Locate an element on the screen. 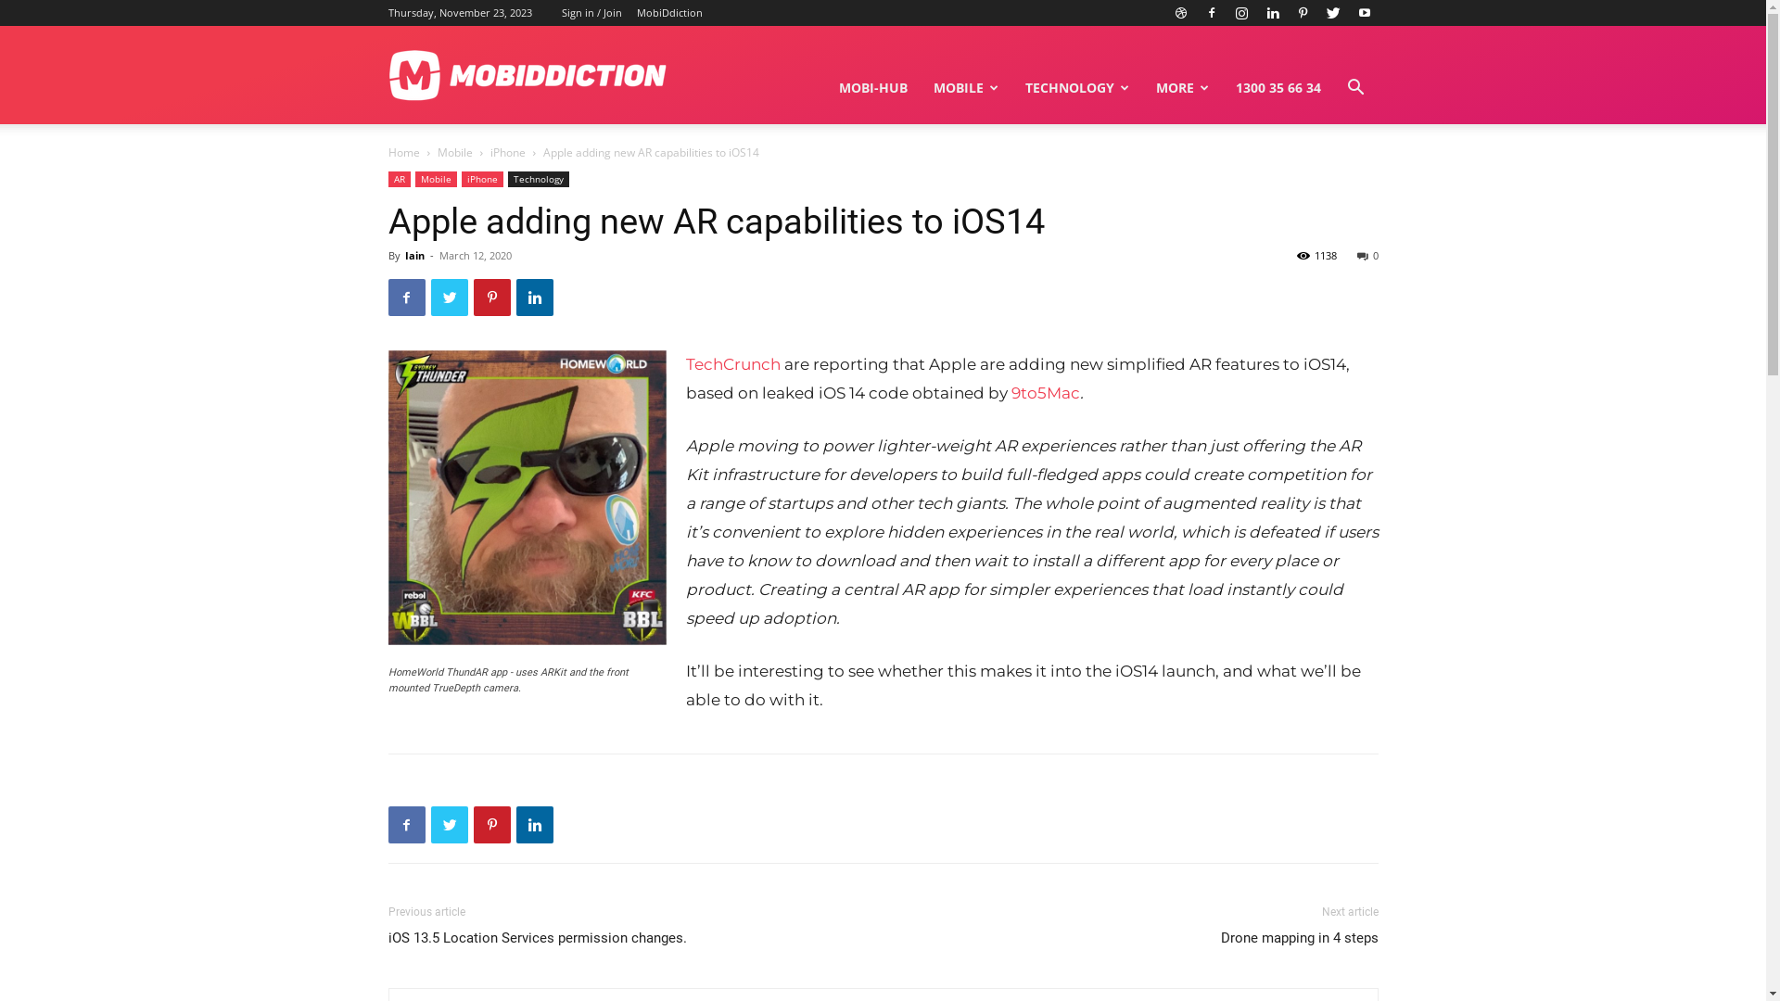 The height and width of the screenshot is (1001, 1780). 'MobiDdiction' is located at coordinates (667, 12).